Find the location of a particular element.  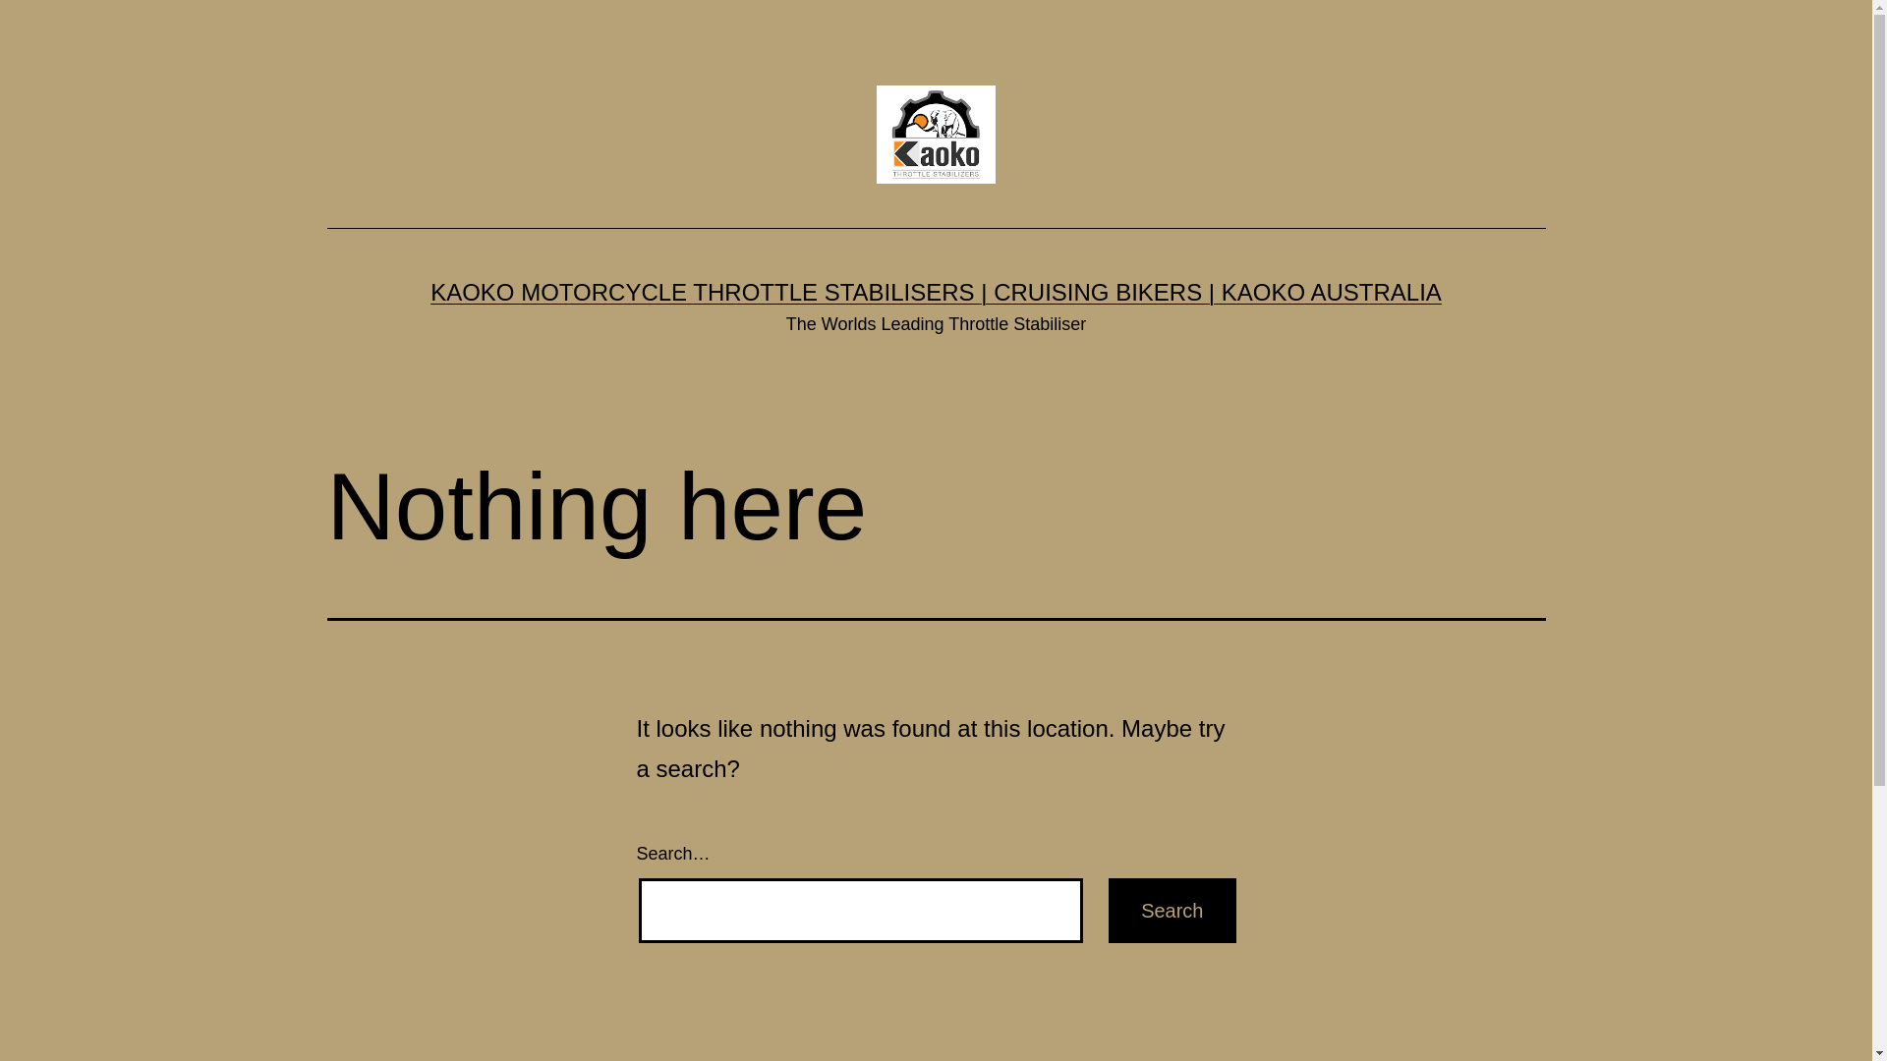

'Search' is located at coordinates (1172, 910).